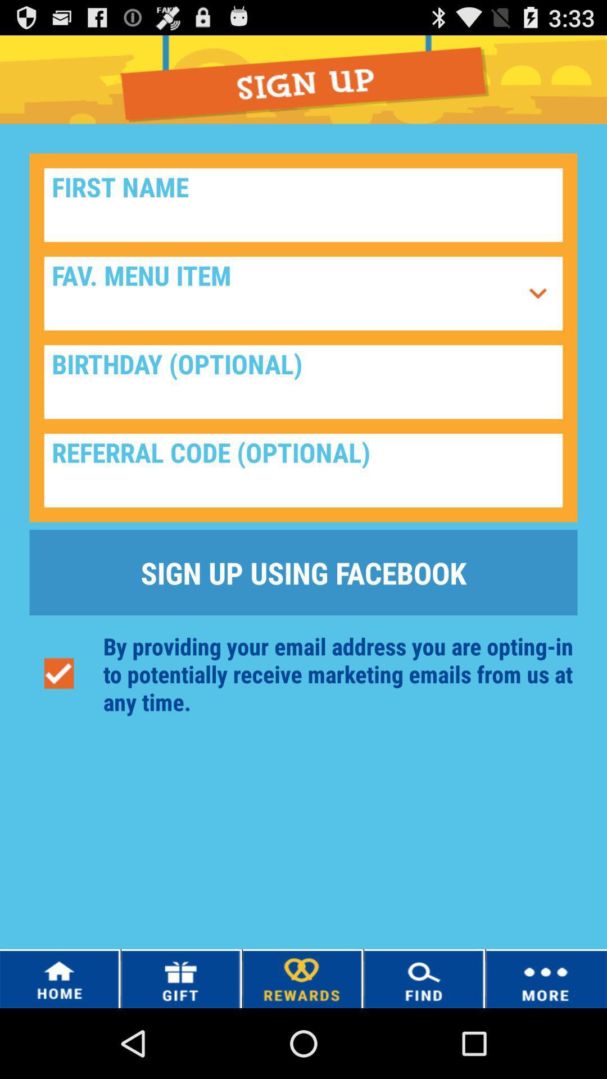  Describe the element at coordinates (58, 674) in the screenshot. I see `opt in to marketing` at that location.